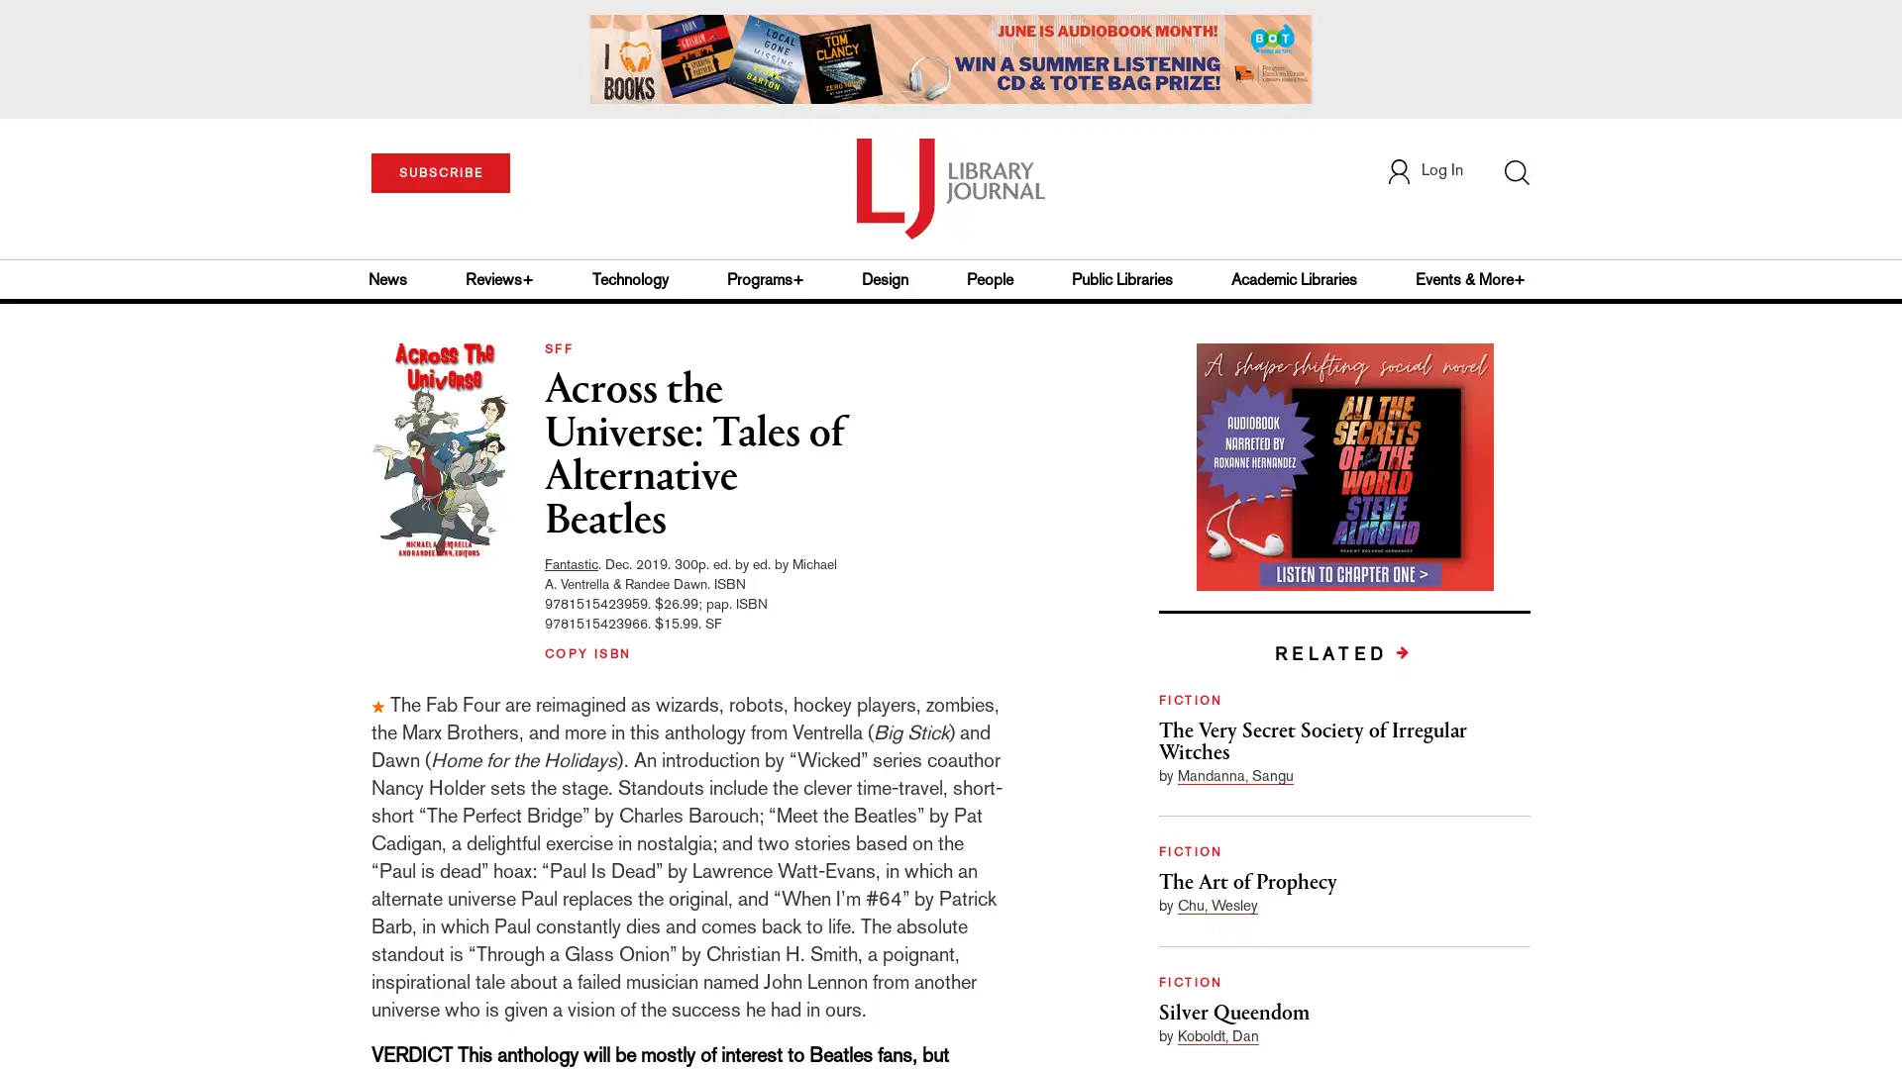  I want to click on SUBSCRIBE, so click(440, 171).